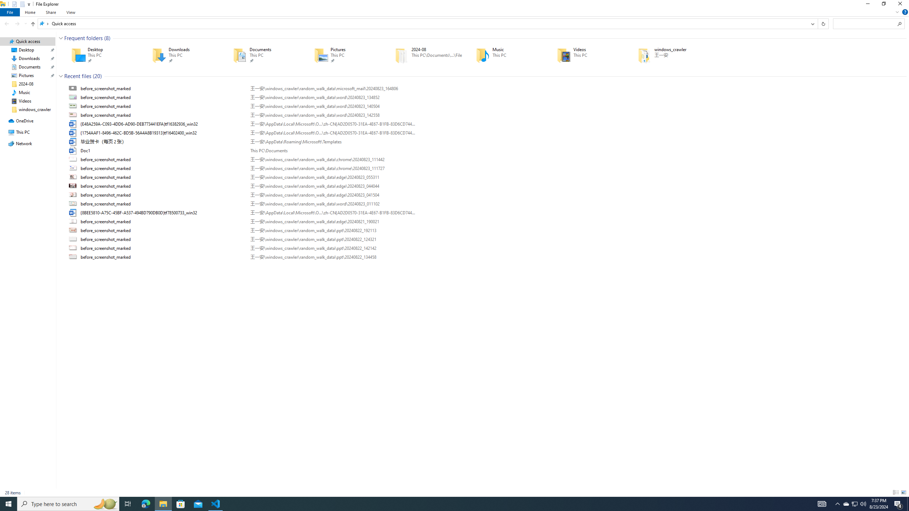 The image size is (909, 511). Describe the element at coordinates (587, 55) in the screenshot. I see `'Videos'` at that location.